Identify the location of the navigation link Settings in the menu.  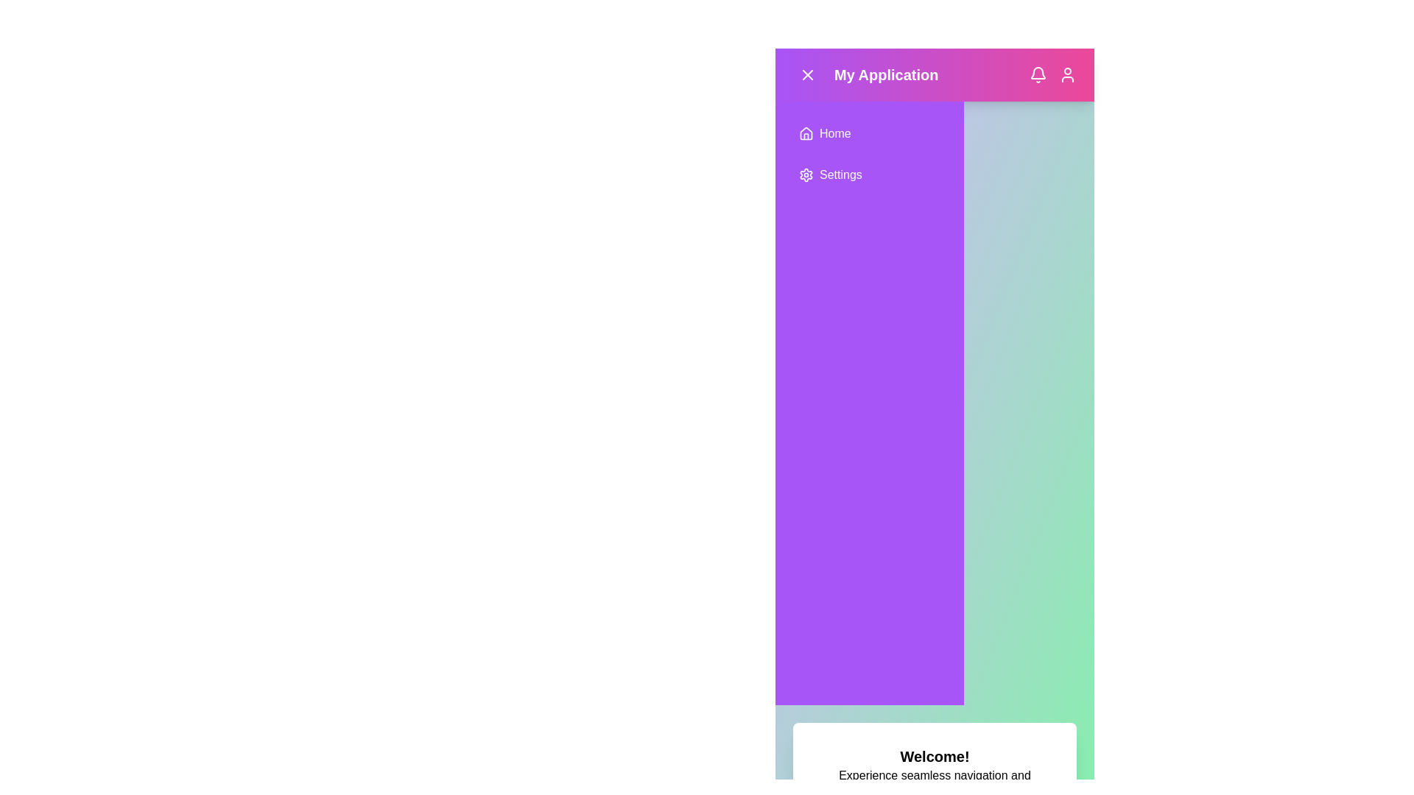
(869, 174).